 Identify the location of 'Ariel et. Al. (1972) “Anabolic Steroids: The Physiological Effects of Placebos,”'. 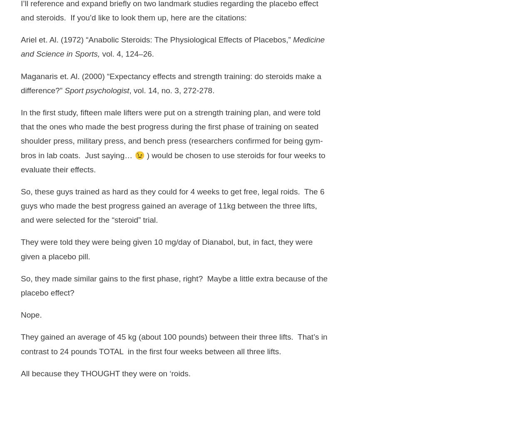
(156, 39).